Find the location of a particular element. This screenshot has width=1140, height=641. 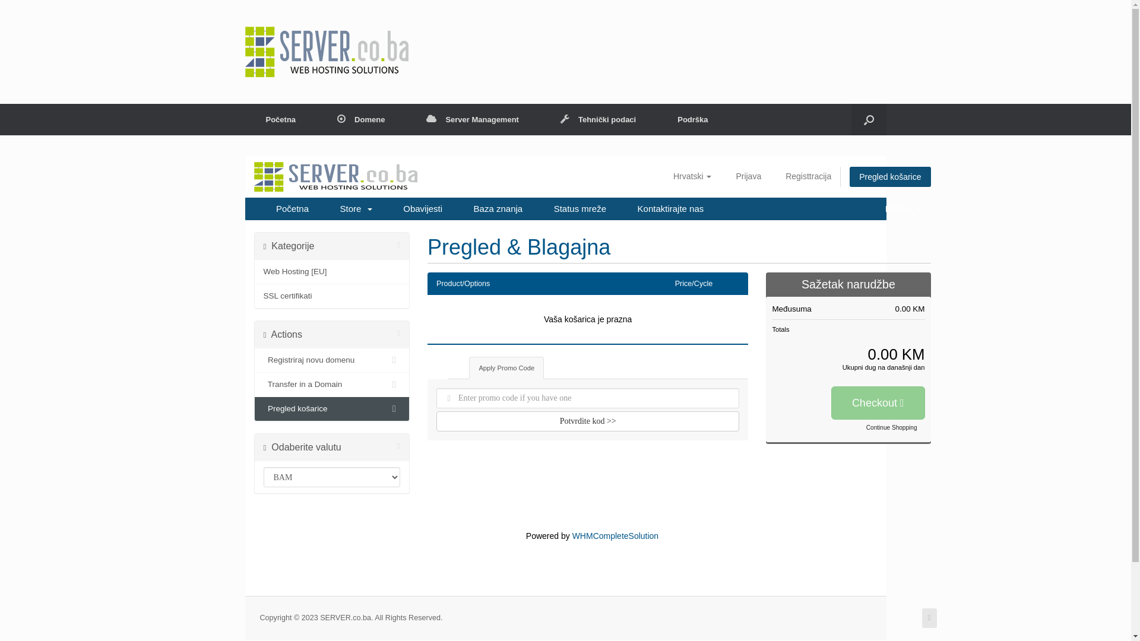

'Hrvatski' is located at coordinates (692, 176).